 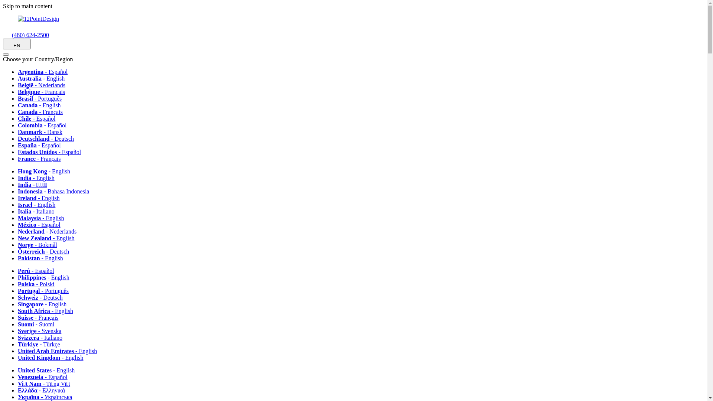 What do you see at coordinates (53, 357) in the screenshot?
I see `'United Kingdom - English'` at bounding box center [53, 357].